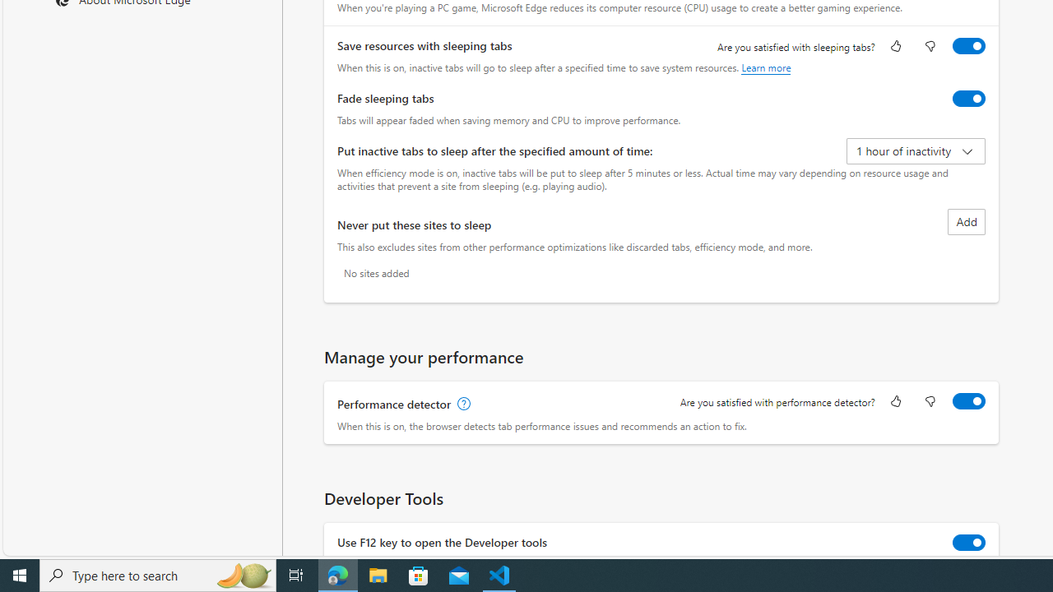  Describe the element at coordinates (20, 574) in the screenshot. I see `'Start'` at that location.